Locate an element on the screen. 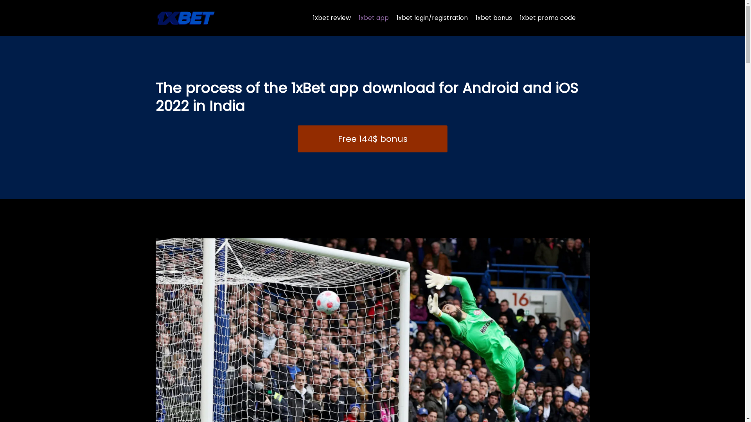  '1xbet promo code' is located at coordinates (547, 18).